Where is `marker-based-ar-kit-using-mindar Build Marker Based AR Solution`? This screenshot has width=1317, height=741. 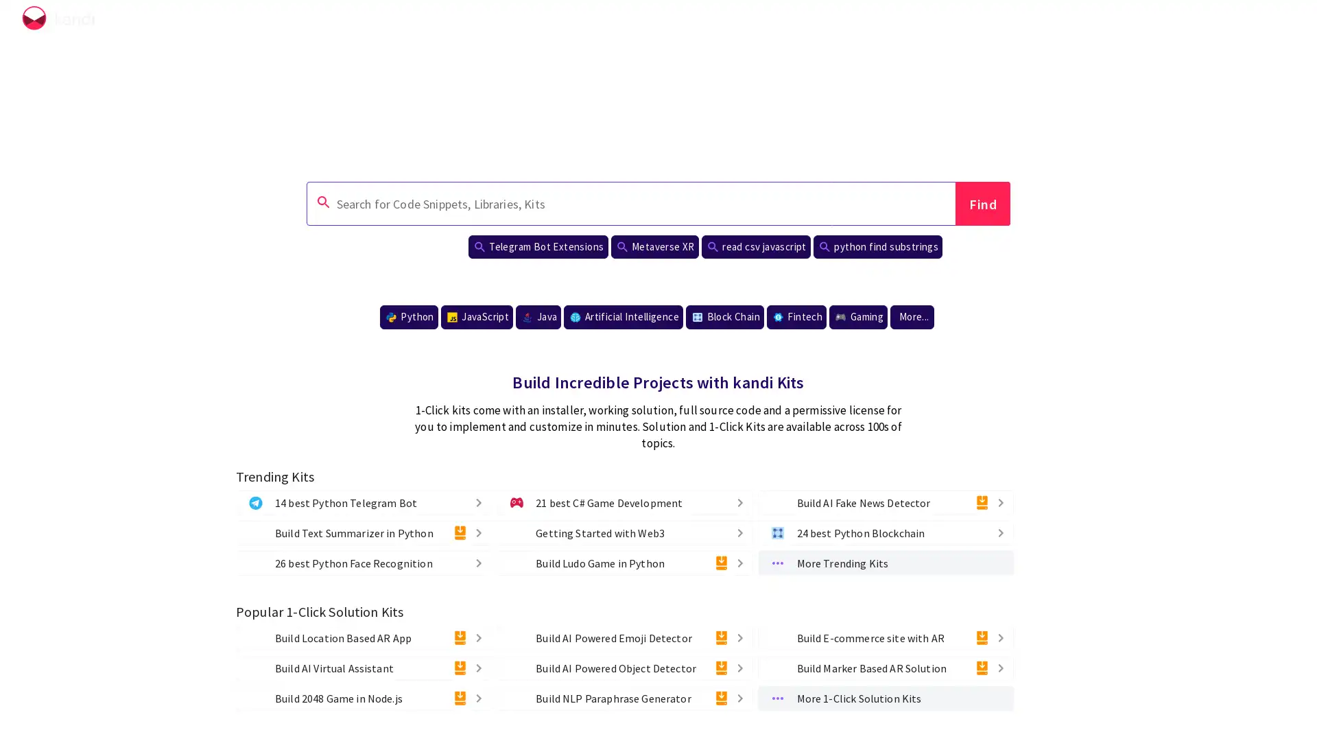
marker-based-ar-kit-using-mindar Build Marker Based AR Solution is located at coordinates (885, 666).